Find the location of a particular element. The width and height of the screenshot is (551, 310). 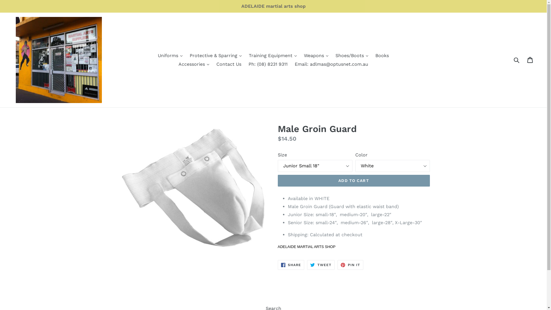

'Contact Us' is located at coordinates (228, 64).